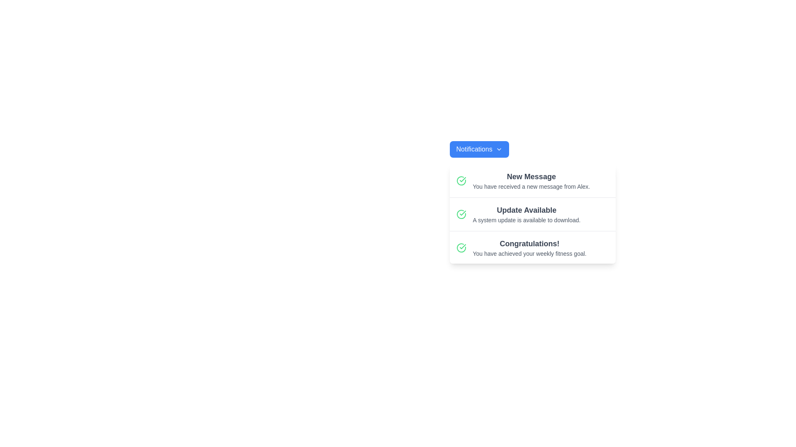  What do you see at coordinates (529, 247) in the screenshot?
I see `the congratulatory message text block that indicates the user has achieved their weekly fitness goal, located in the third notification entry of the list` at bounding box center [529, 247].